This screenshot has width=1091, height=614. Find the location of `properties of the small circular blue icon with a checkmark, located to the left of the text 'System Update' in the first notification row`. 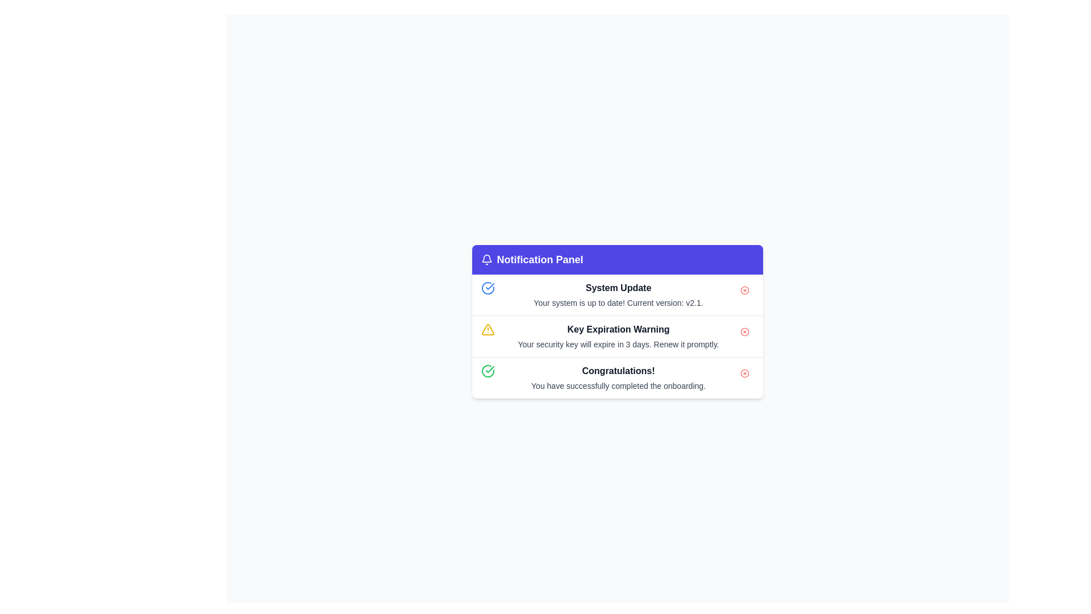

properties of the small circular blue icon with a checkmark, located to the left of the text 'System Update' in the first notification row is located at coordinates (488, 287).